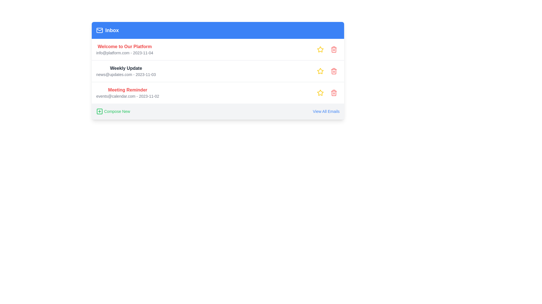 The image size is (542, 304). Describe the element at coordinates (127, 90) in the screenshot. I see `the 'Meeting Reminder' text label, which is a bold red text displayed in a medium font size, part of a list of items in a white card interface under the 'Inbox' heading` at that location.